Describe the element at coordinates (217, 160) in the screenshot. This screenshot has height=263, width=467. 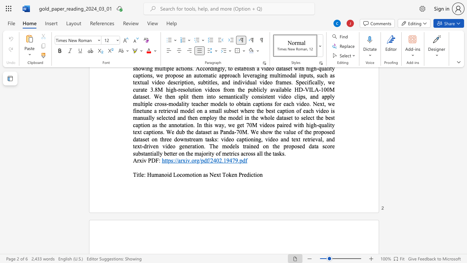
I see `the 1th character "0" in the text` at that location.